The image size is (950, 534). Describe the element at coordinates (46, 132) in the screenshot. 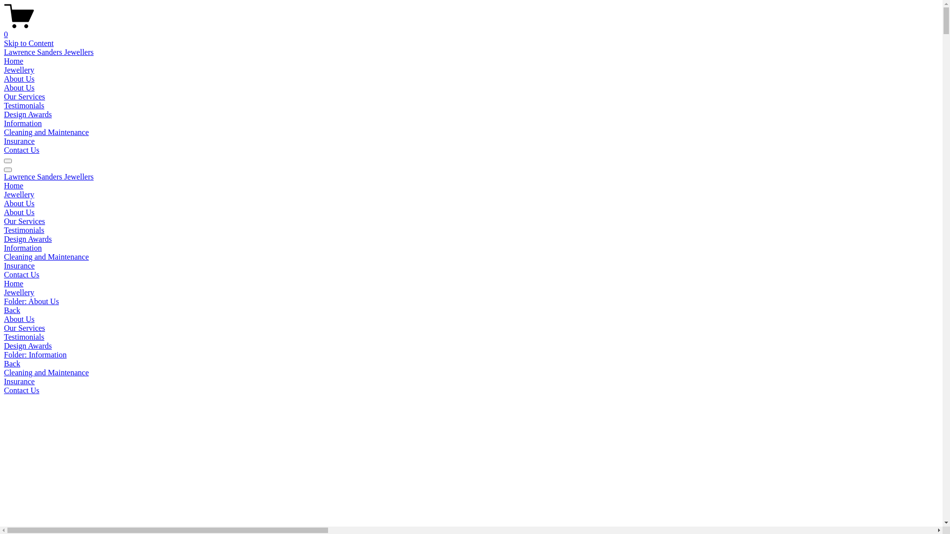

I see `'Cleaning and Maintenance'` at that location.